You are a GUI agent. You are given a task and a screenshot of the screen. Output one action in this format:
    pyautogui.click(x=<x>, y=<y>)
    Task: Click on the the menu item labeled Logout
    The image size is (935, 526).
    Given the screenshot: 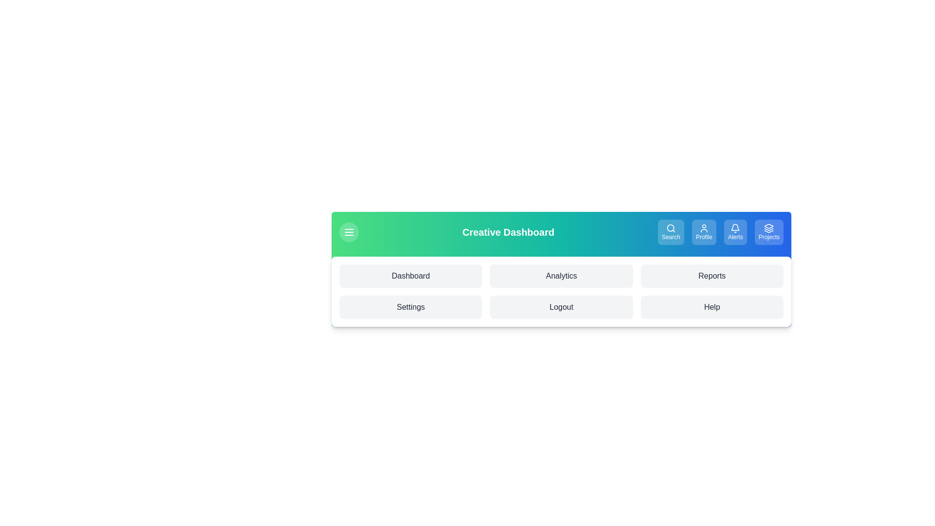 What is the action you would take?
    pyautogui.click(x=561, y=307)
    